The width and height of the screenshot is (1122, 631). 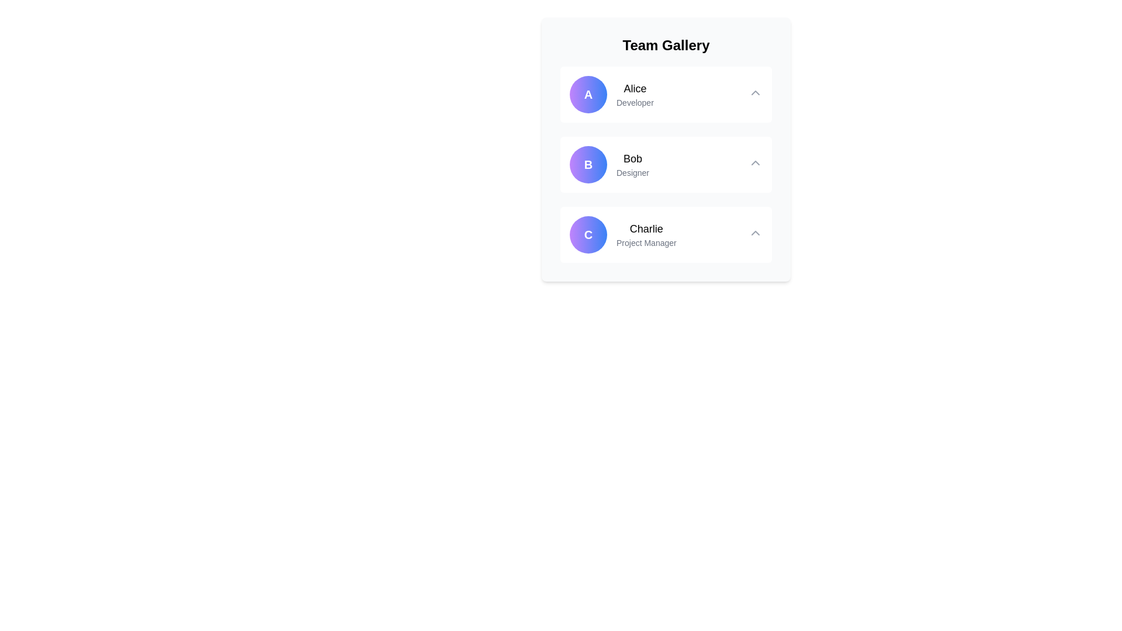 What do you see at coordinates (755, 234) in the screenshot?
I see `the small upward-facing chevron-shaped icon in gray located at the far right of the row for 'Charlie - Project Manager'` at bounding box center [755, 234].